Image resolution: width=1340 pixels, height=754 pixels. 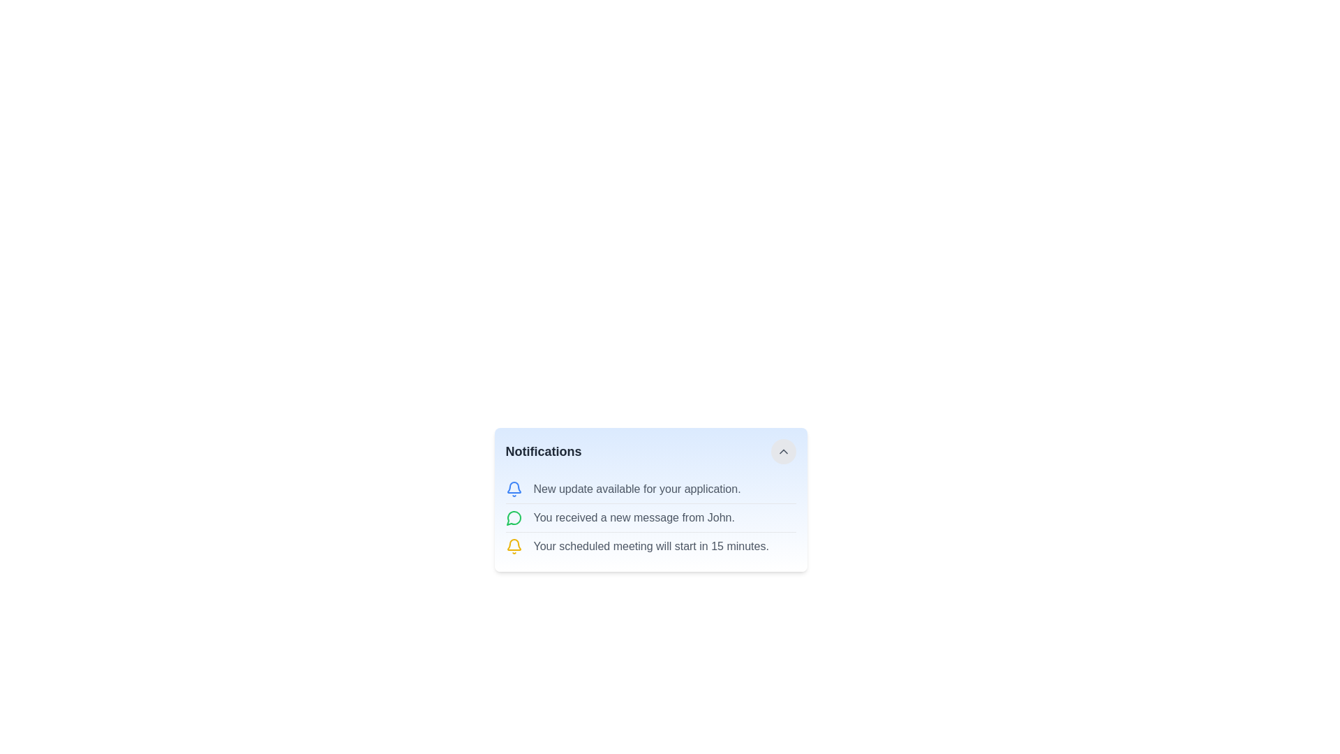 What do you see at coordinates (650, 545) in the screenshot?
I see `the notification item located below the message 'You received a new message from John.' in the notification panel` at bounding box center [650, 545].